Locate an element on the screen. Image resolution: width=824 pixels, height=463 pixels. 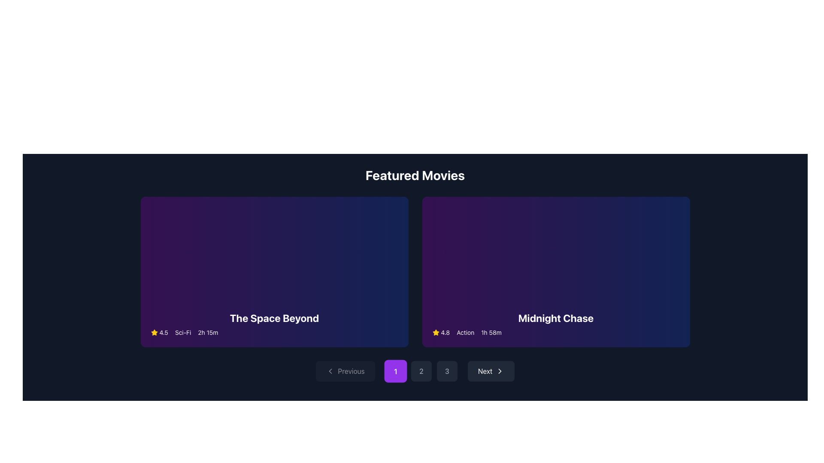
the IconButton located in the bottom navigation section to the left of the pagination is located at coordinates (330, 371).